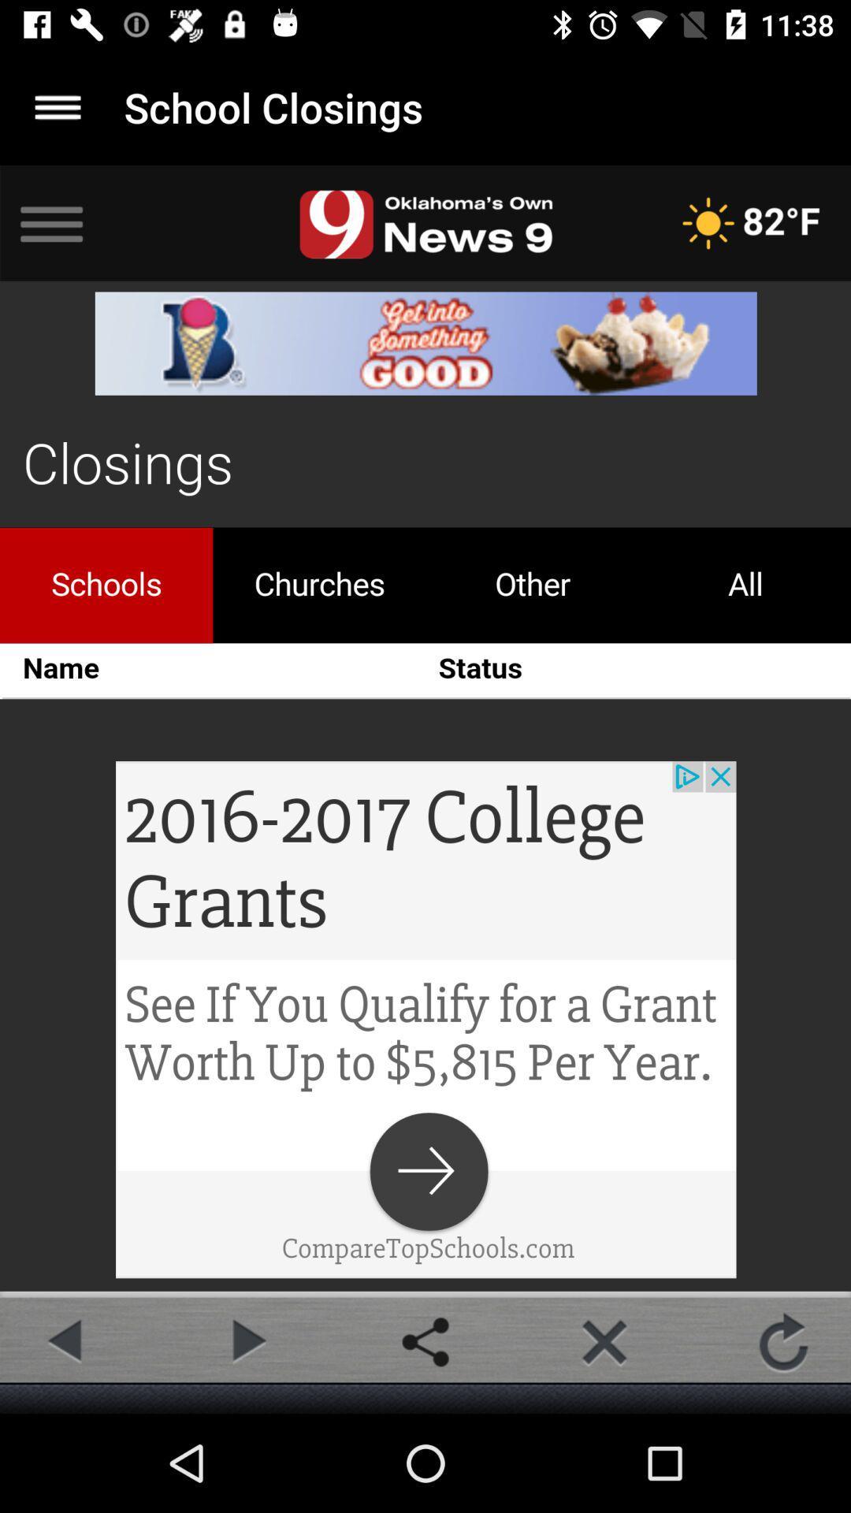 The image size is (851, 1513). What do you see at coordinates (66, 1341) in the screenshot?
I see `the arrow_backward icon` at bounding box center [66, 1341].